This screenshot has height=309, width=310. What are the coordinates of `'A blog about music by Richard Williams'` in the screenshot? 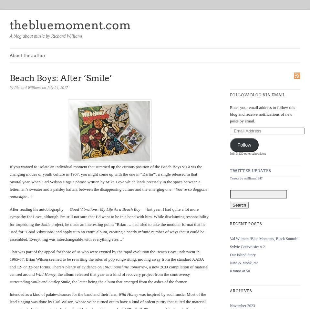 It's located at (46, 36).